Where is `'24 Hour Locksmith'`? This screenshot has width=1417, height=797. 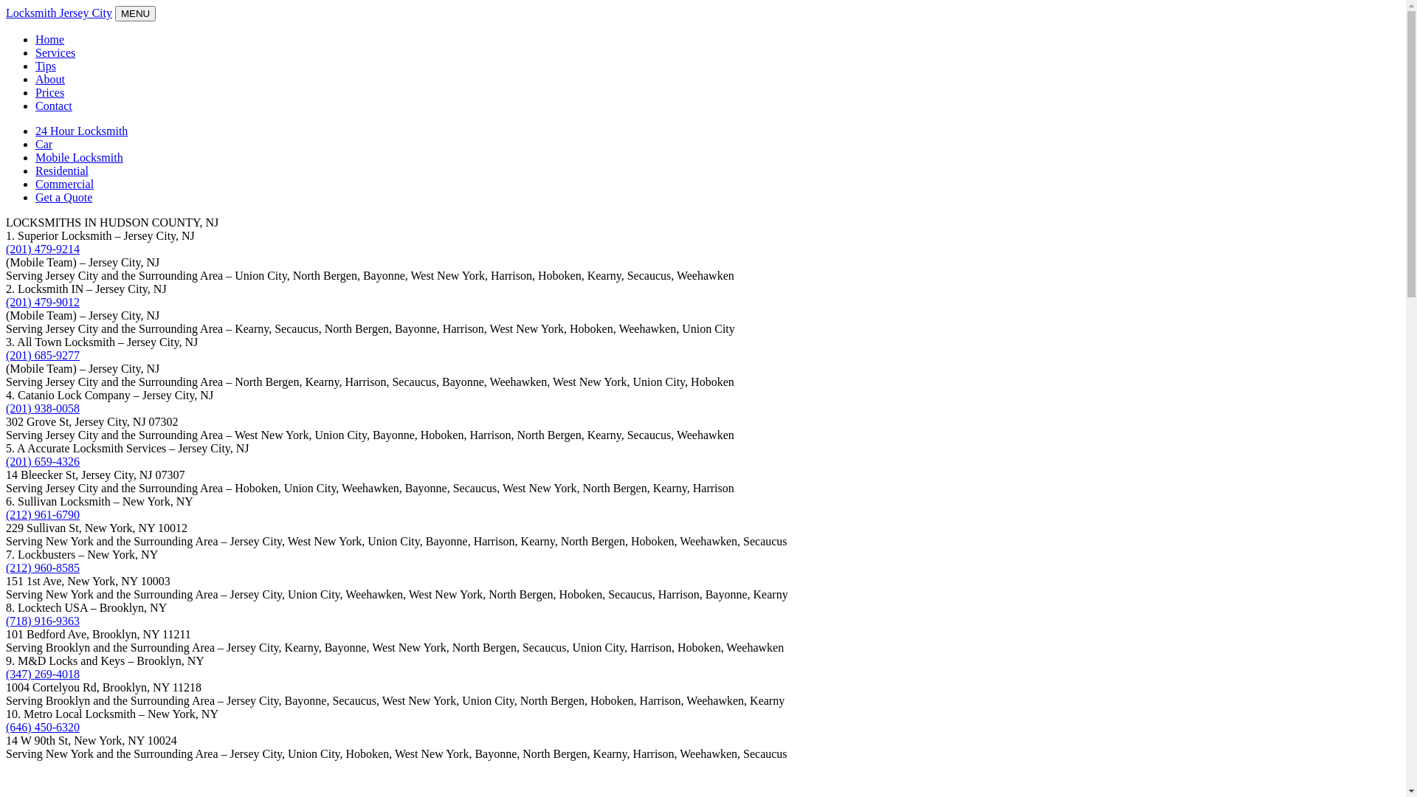 '24 Hour Locksmith' is located at coordinates (80, 130).